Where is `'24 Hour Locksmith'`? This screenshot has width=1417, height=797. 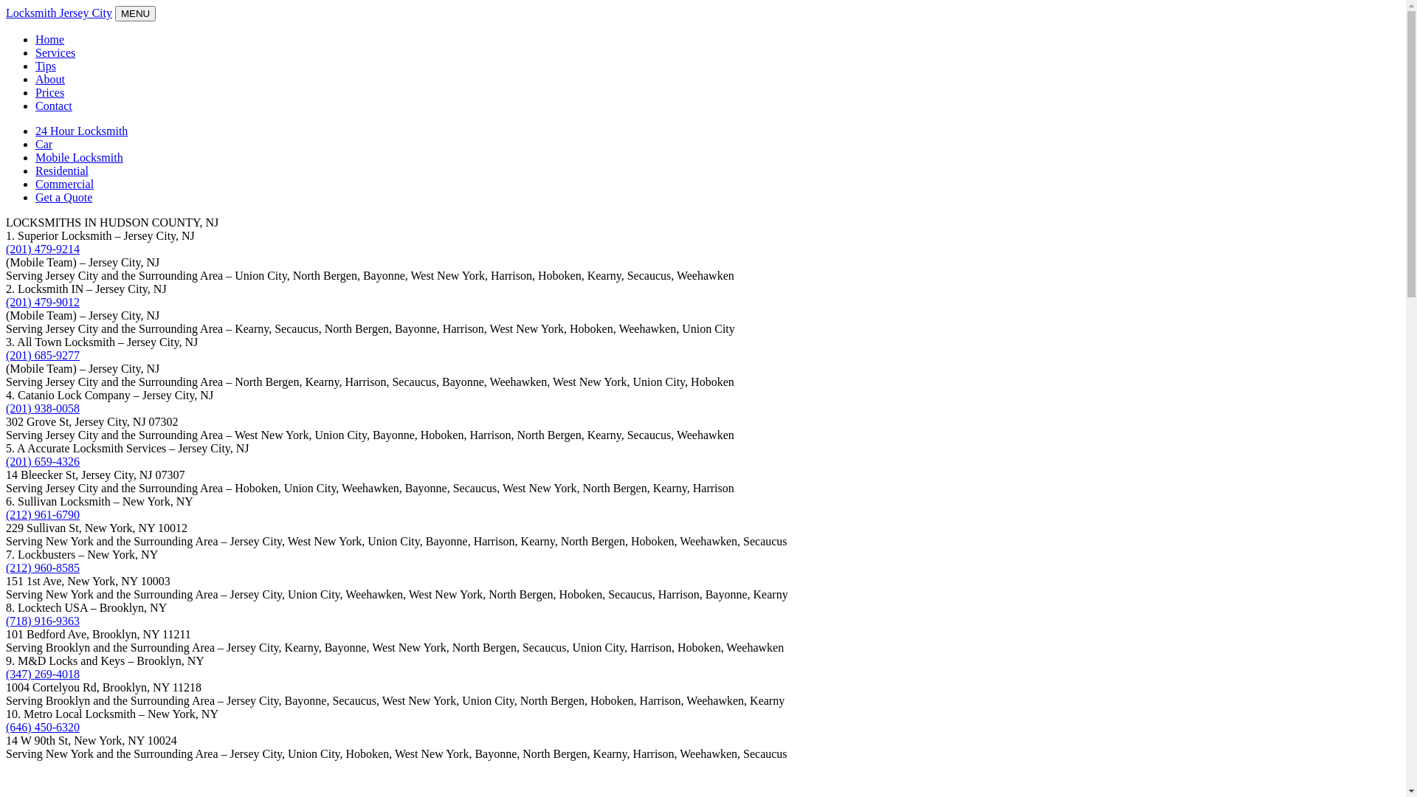 '24 Hour Locksmith' is located at coordinates (80, 130).